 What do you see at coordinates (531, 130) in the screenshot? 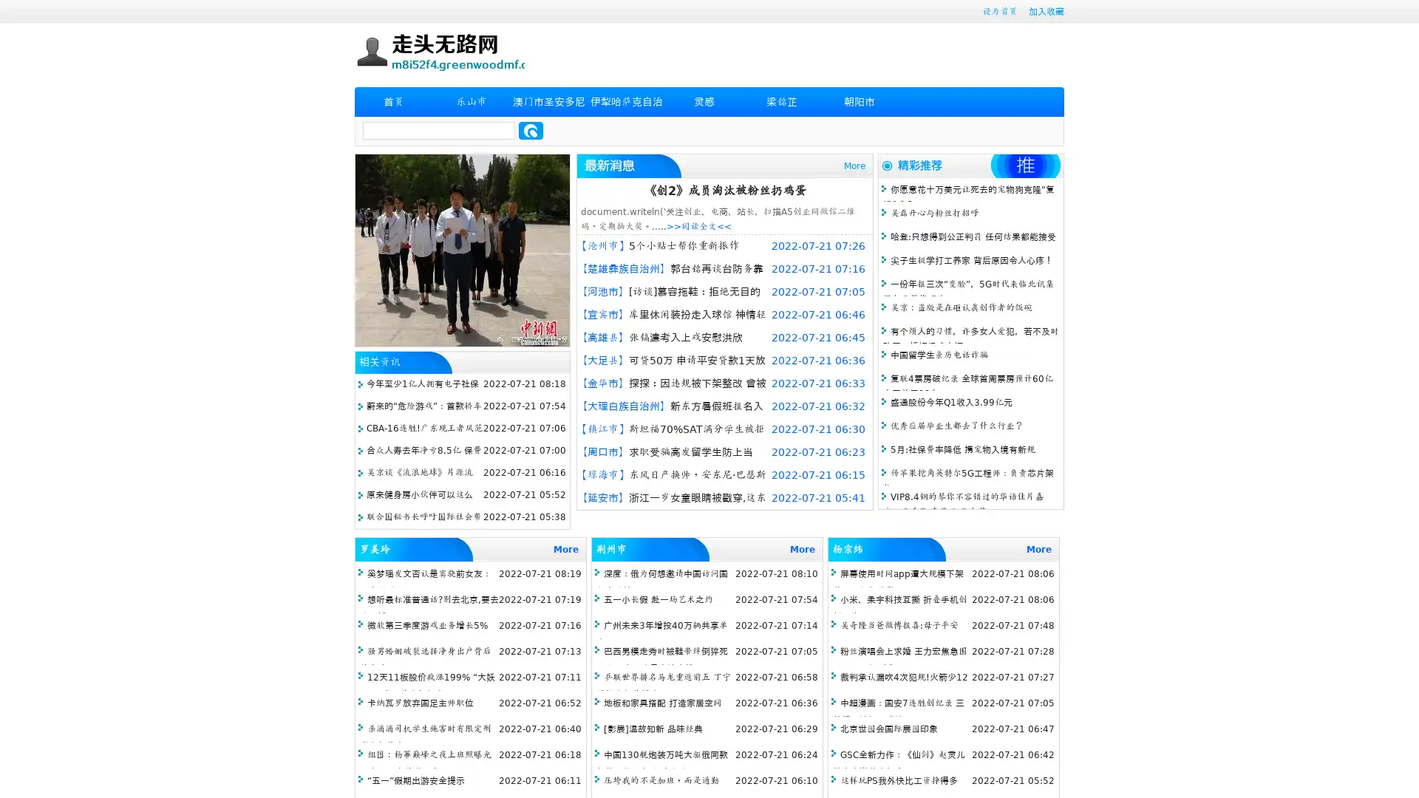
I see `Search` at bounding box center [531, 130].